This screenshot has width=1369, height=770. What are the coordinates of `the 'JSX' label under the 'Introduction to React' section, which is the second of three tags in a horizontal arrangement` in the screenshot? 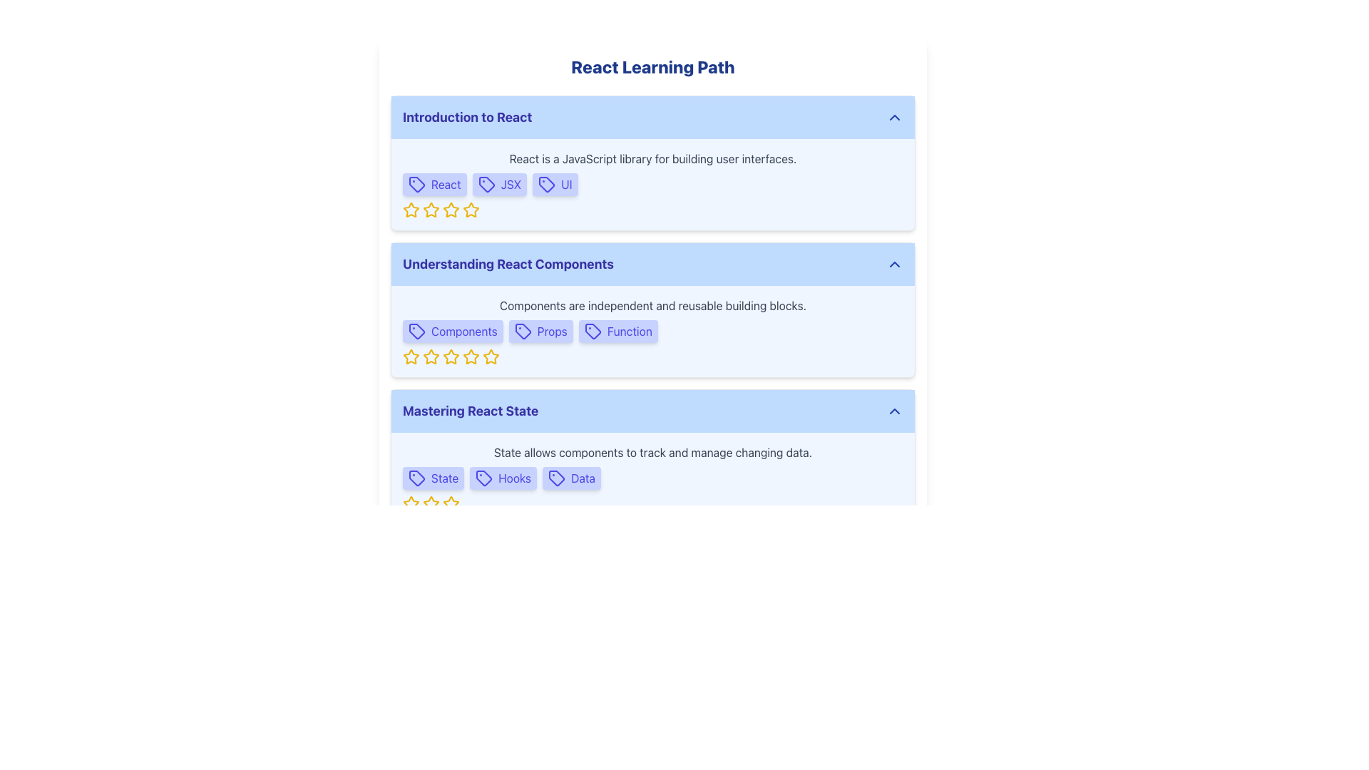 It's located at (499, 183).